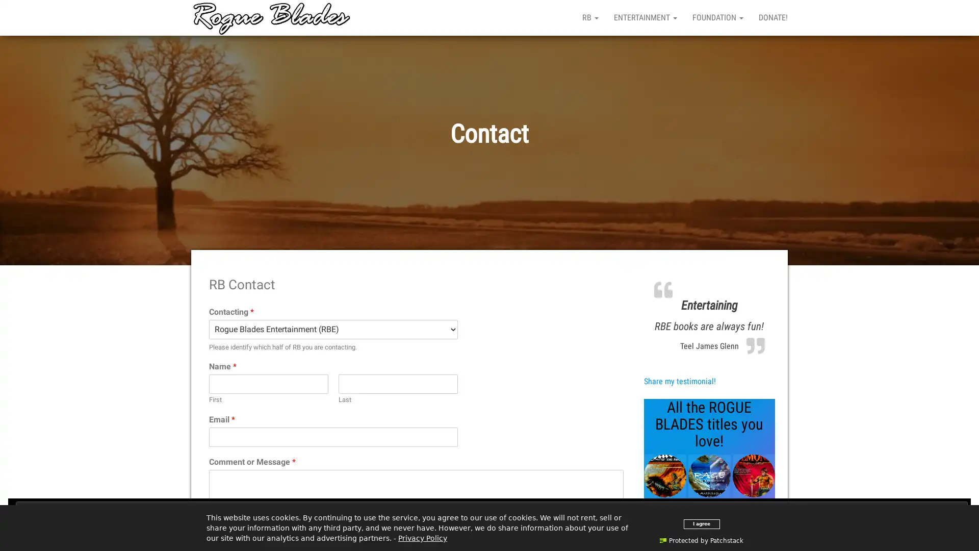 The width and height of the screenshot is (979, 551). I want to click on Close and accept, so click(492, 511).